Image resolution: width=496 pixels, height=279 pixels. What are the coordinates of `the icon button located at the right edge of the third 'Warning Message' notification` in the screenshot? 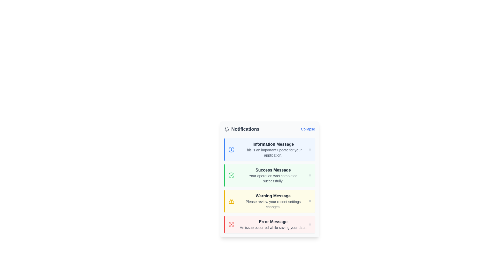 It's located at (310, 201).